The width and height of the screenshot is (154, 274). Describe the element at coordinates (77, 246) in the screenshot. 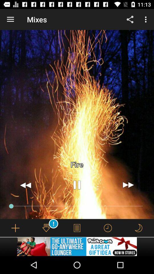

I see `advertisement for a product` at that location.